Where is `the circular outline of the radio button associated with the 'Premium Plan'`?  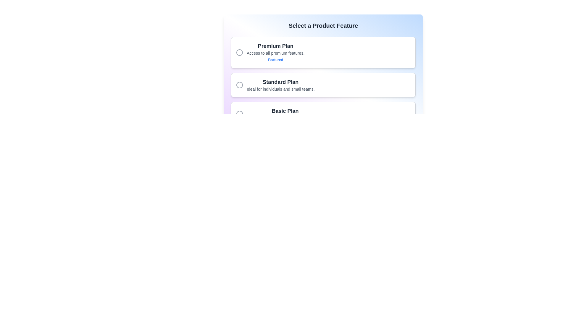
the circular outline of the radio button associated with the 'Premium Plan' is located at coordinates (240, 52).